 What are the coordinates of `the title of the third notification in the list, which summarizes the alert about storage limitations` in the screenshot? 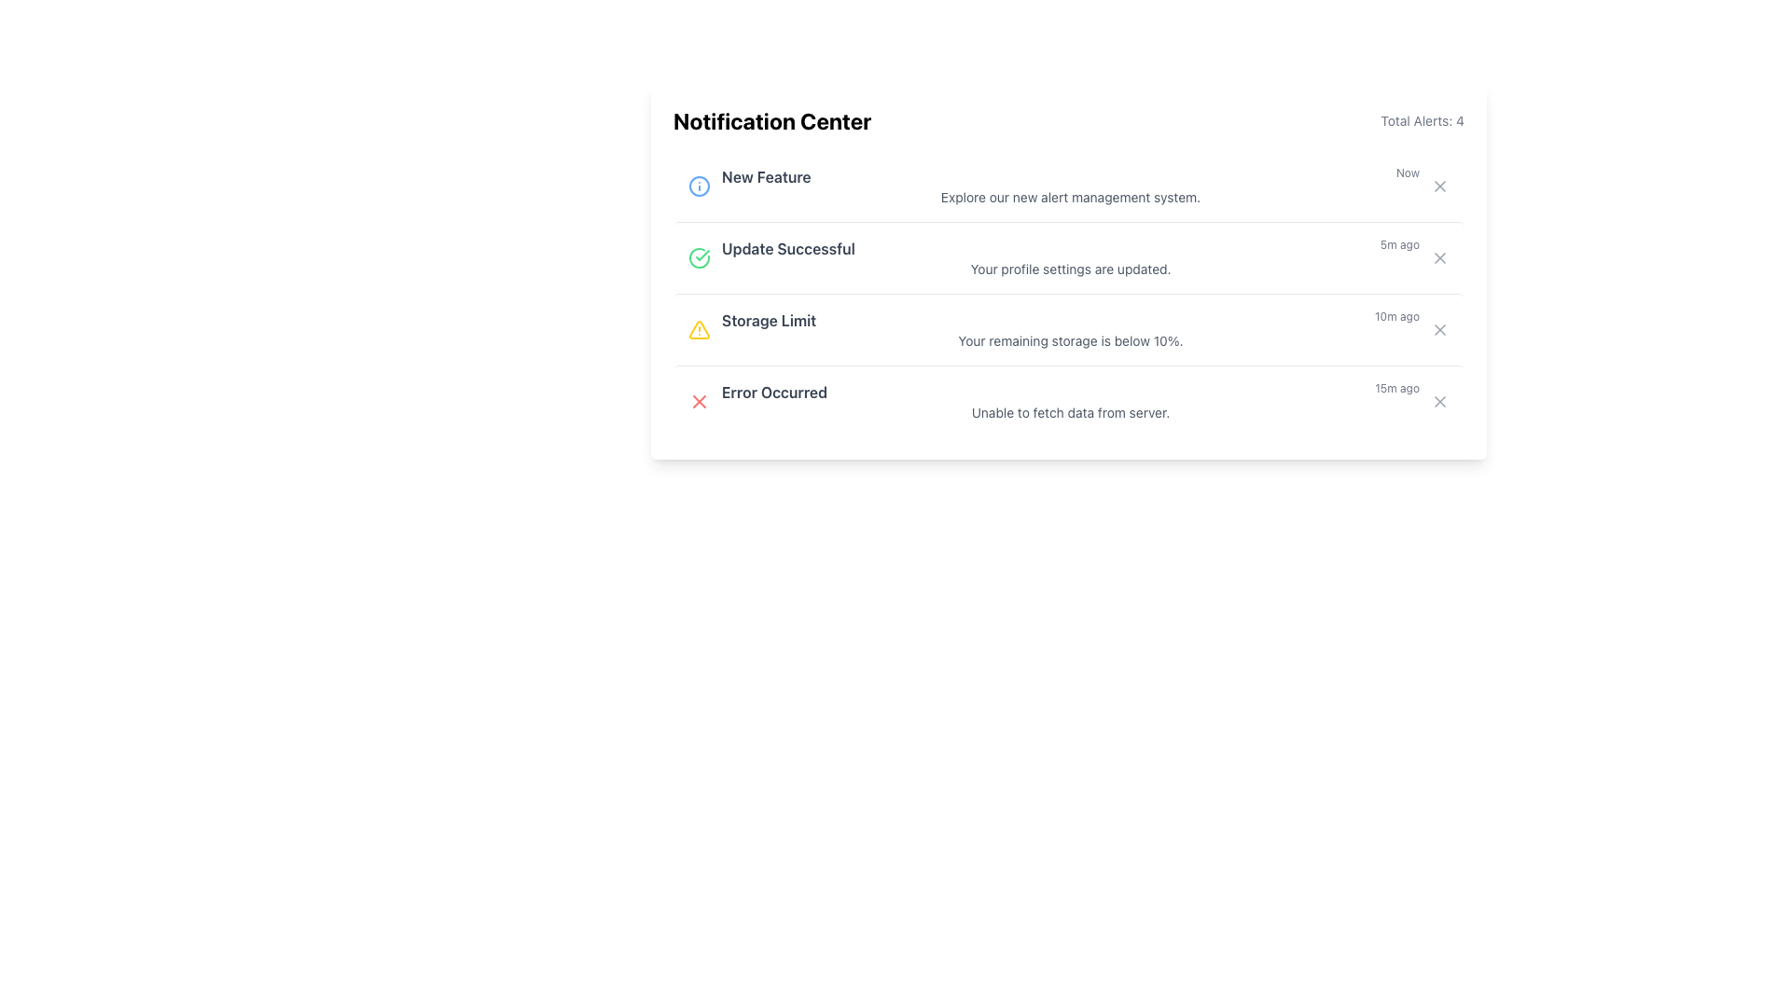 It's located at (769, 319).